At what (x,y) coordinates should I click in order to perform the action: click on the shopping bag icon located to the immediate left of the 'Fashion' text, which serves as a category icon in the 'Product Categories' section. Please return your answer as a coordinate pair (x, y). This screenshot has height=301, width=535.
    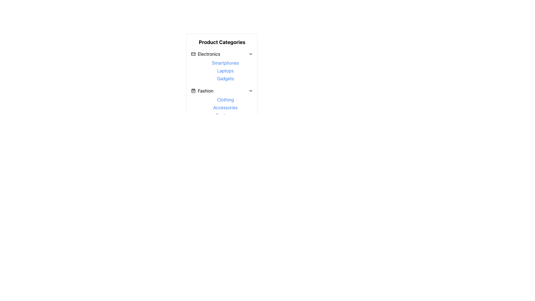
    Looking at the image, I should click on (193, 91).